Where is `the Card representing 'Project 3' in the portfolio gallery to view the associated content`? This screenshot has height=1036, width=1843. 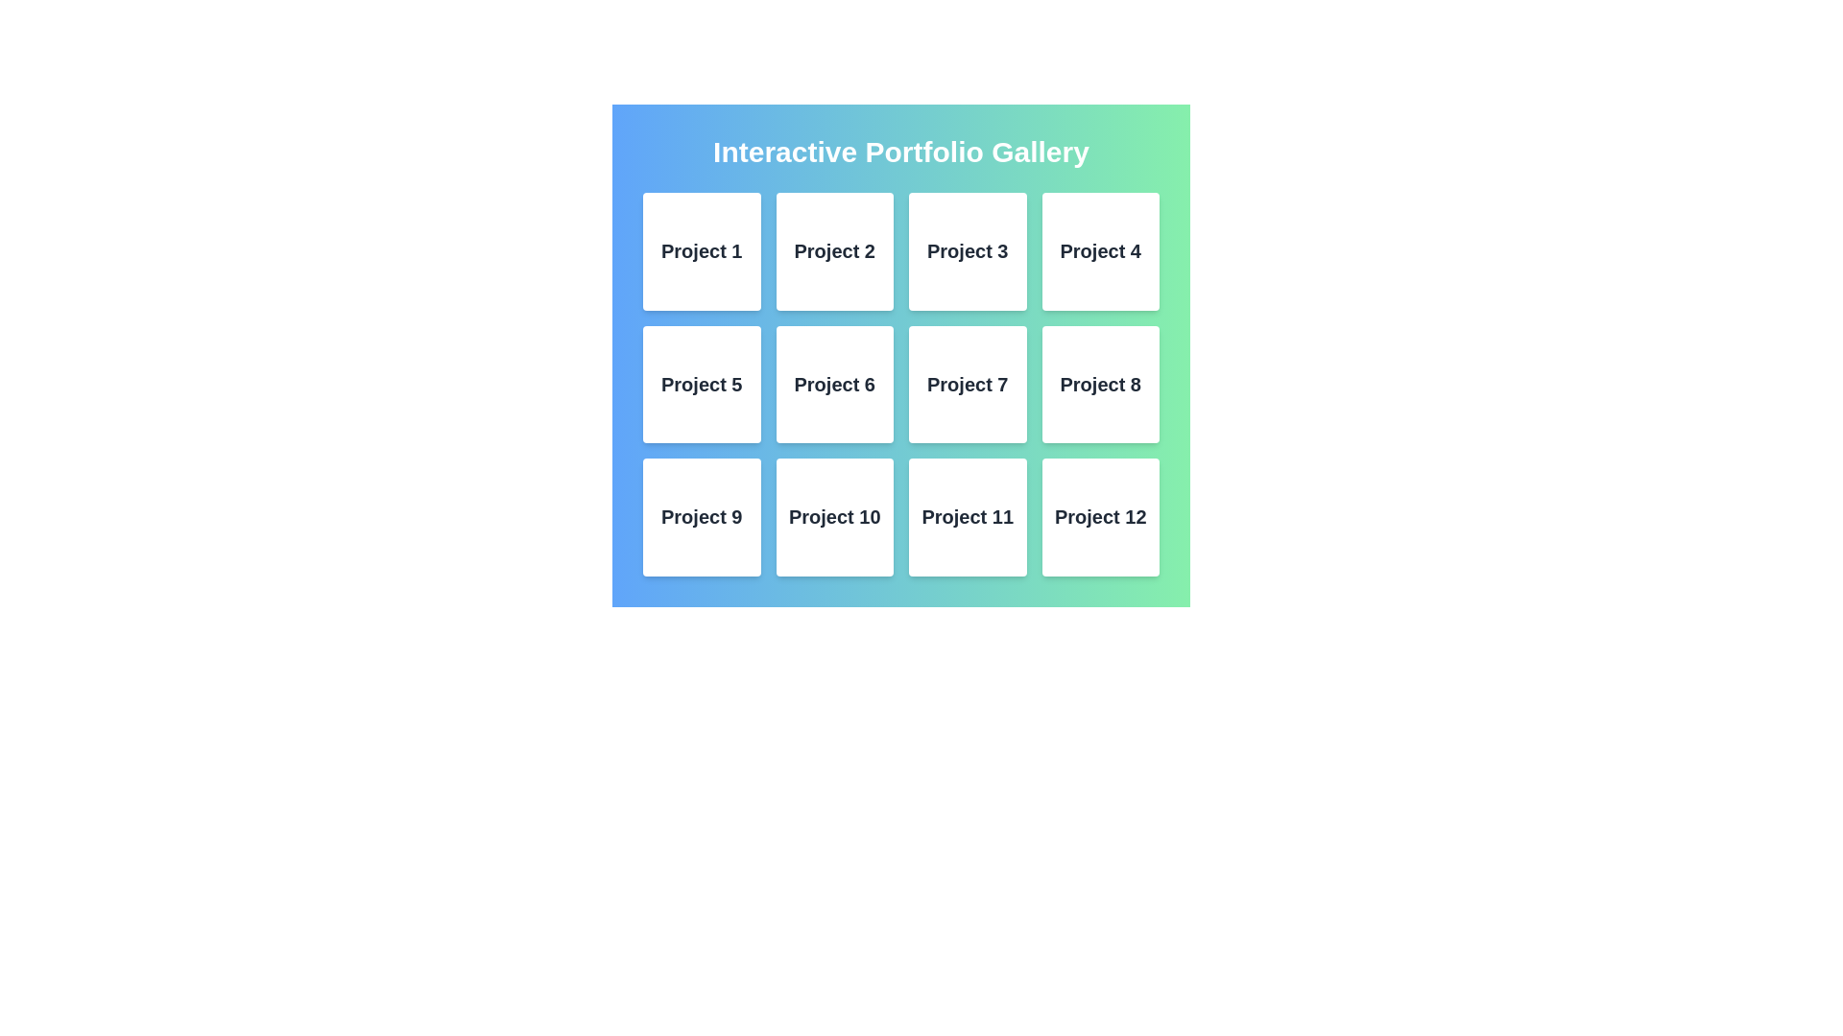 the Card representing 'Project 3' in the portfolio gallery to view the associated content is located at coordinates (968, 250).